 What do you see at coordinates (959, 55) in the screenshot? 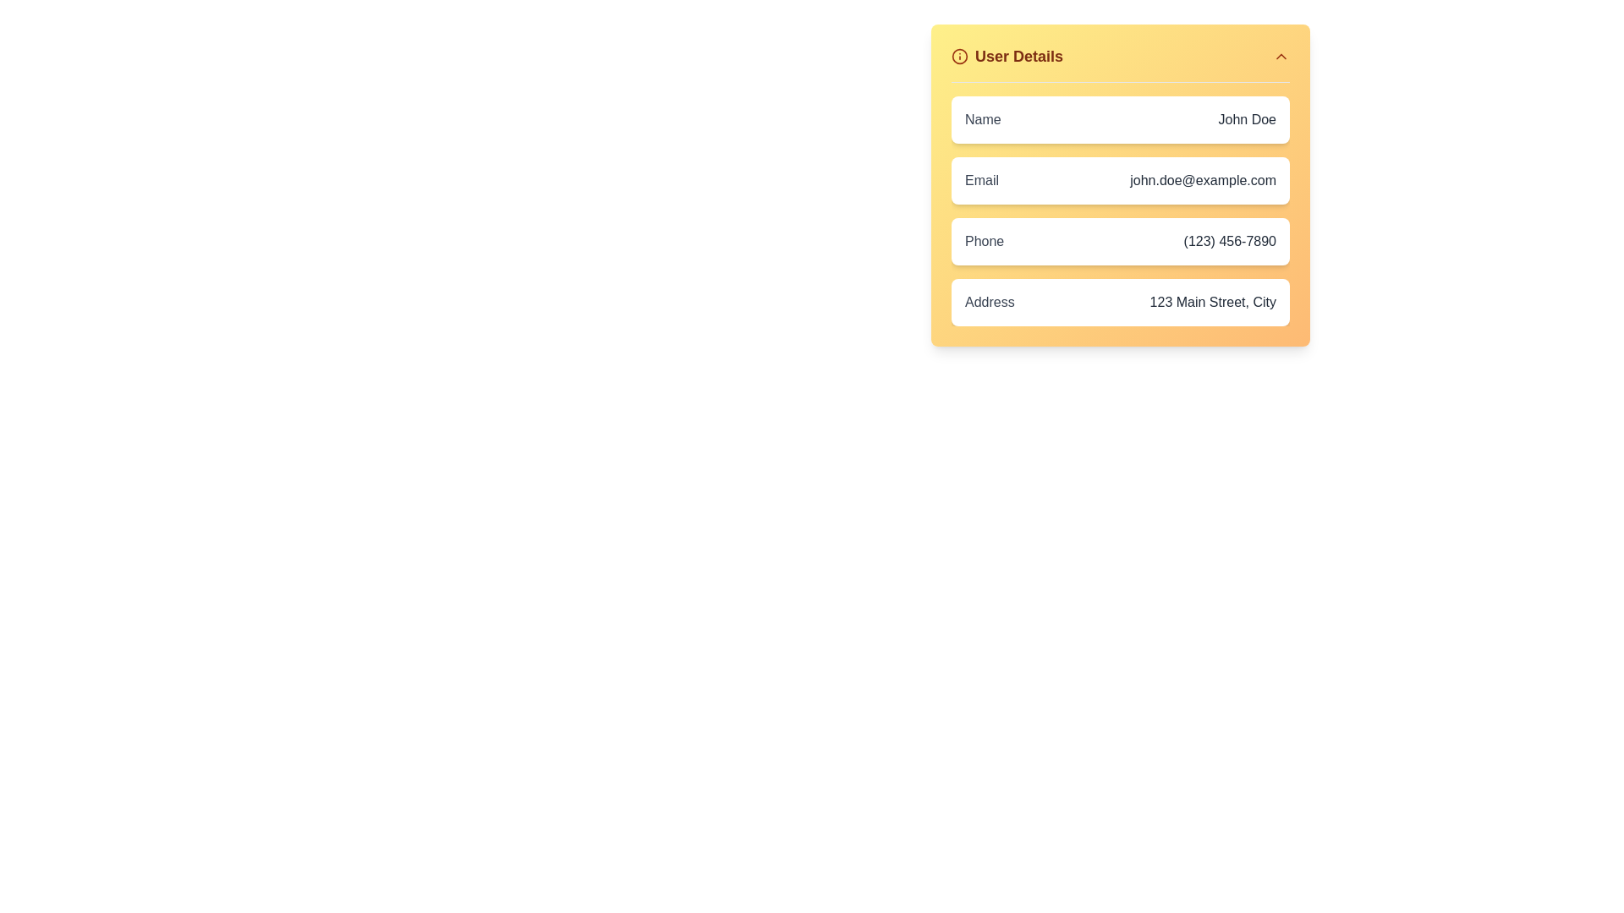
I see `the circular graphical shape that serves as the background of the 'User Details' icon located at the top left corner of the user interface` at bounding box center [959, 55].